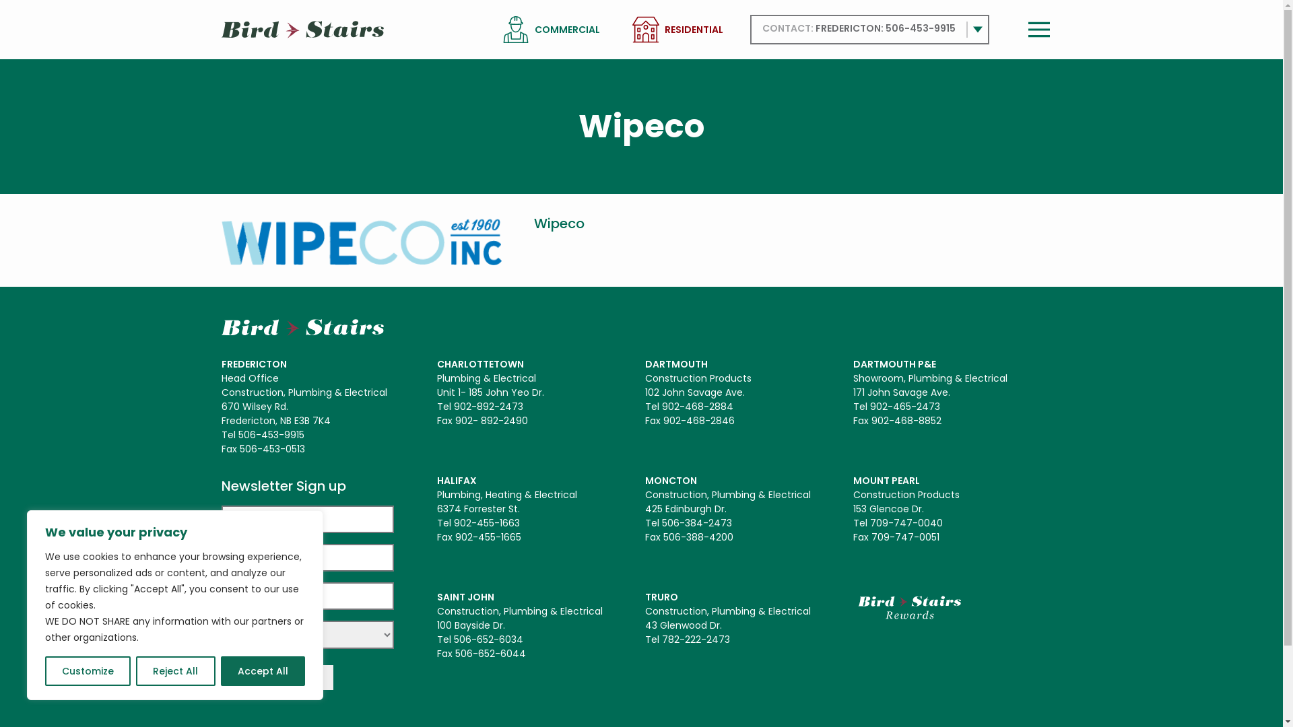 This screenshot has height=727, width=1293. What do you see at coordinates (644, 596) in the screenshot?
I see `'TRURO'` at bounding box center [644, 596].